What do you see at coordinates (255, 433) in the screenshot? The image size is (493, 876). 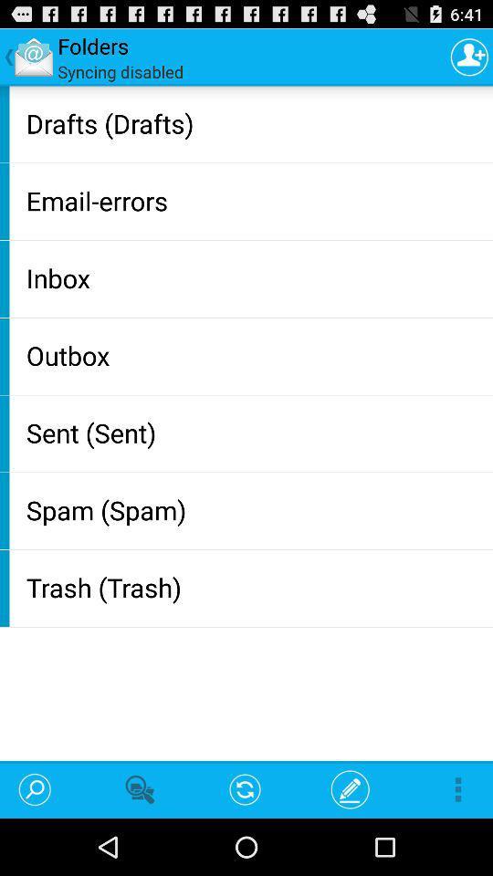 I see `the app below outbox item` at bounding box center [255, 433].